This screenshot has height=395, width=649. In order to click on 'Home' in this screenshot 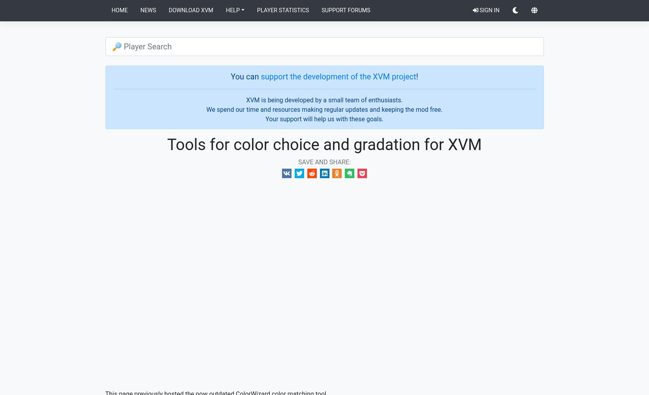, I will do `click(119, 10)`.